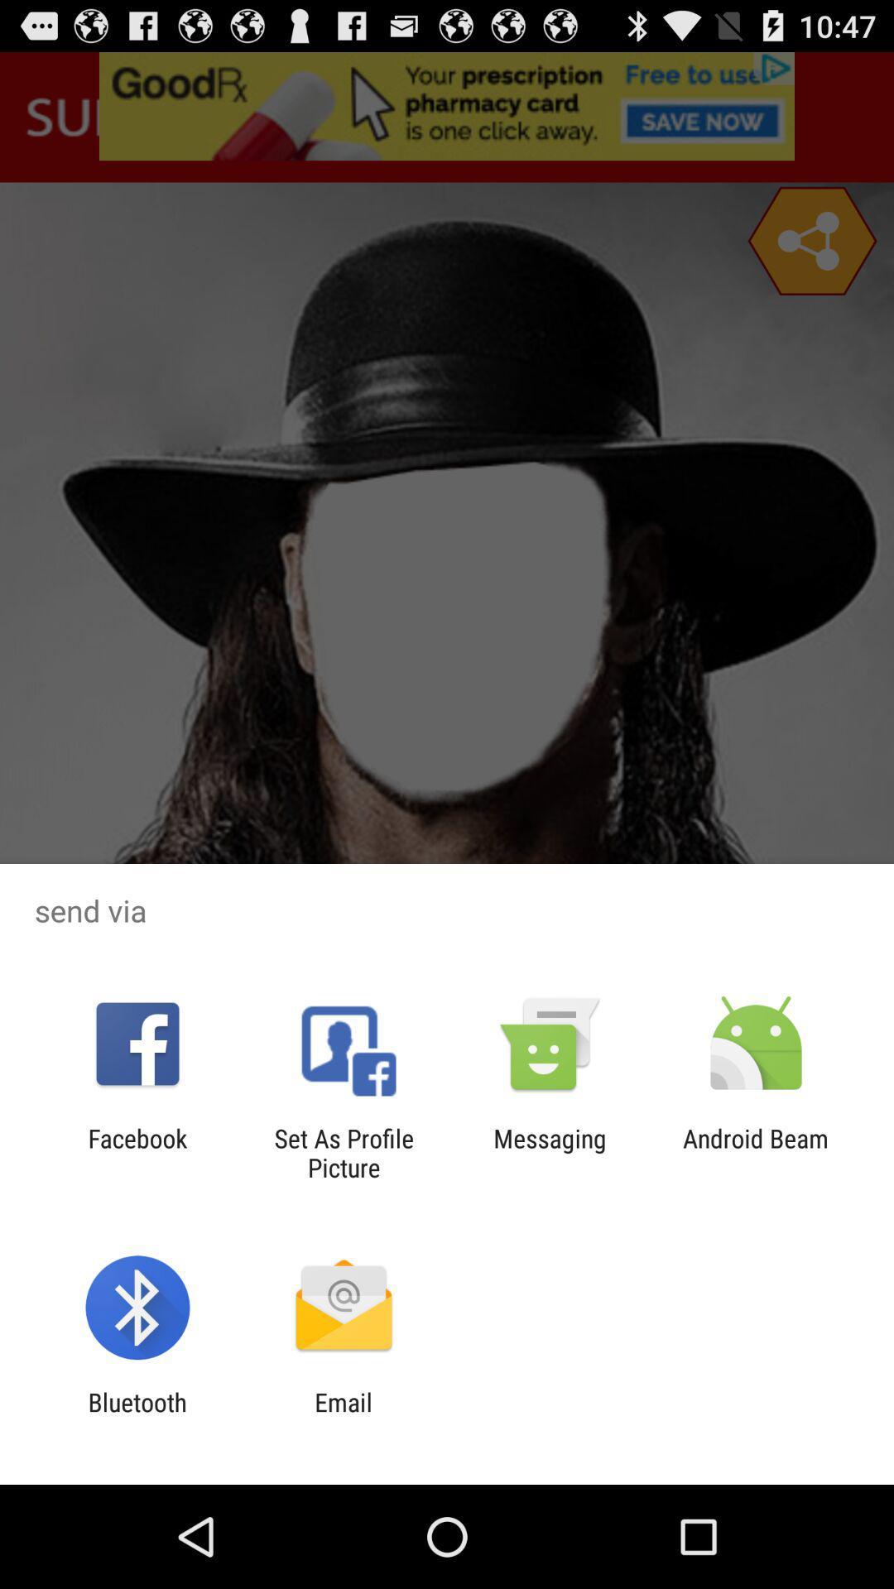 This screenshot has width=894, height=1589. Describe the element at coordinates (137, 1416) in the screenshot. I see `the bluetooth icon` at that location.